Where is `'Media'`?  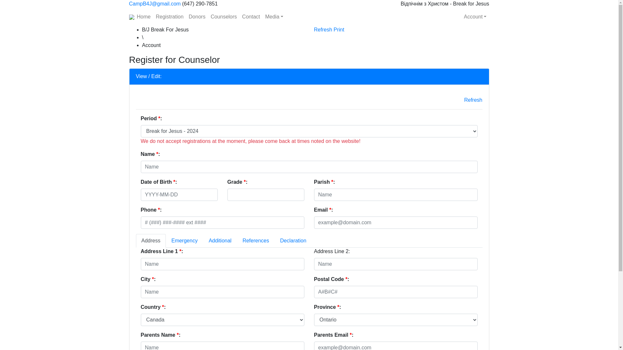
'Media' is located at coordinates (274, 16).